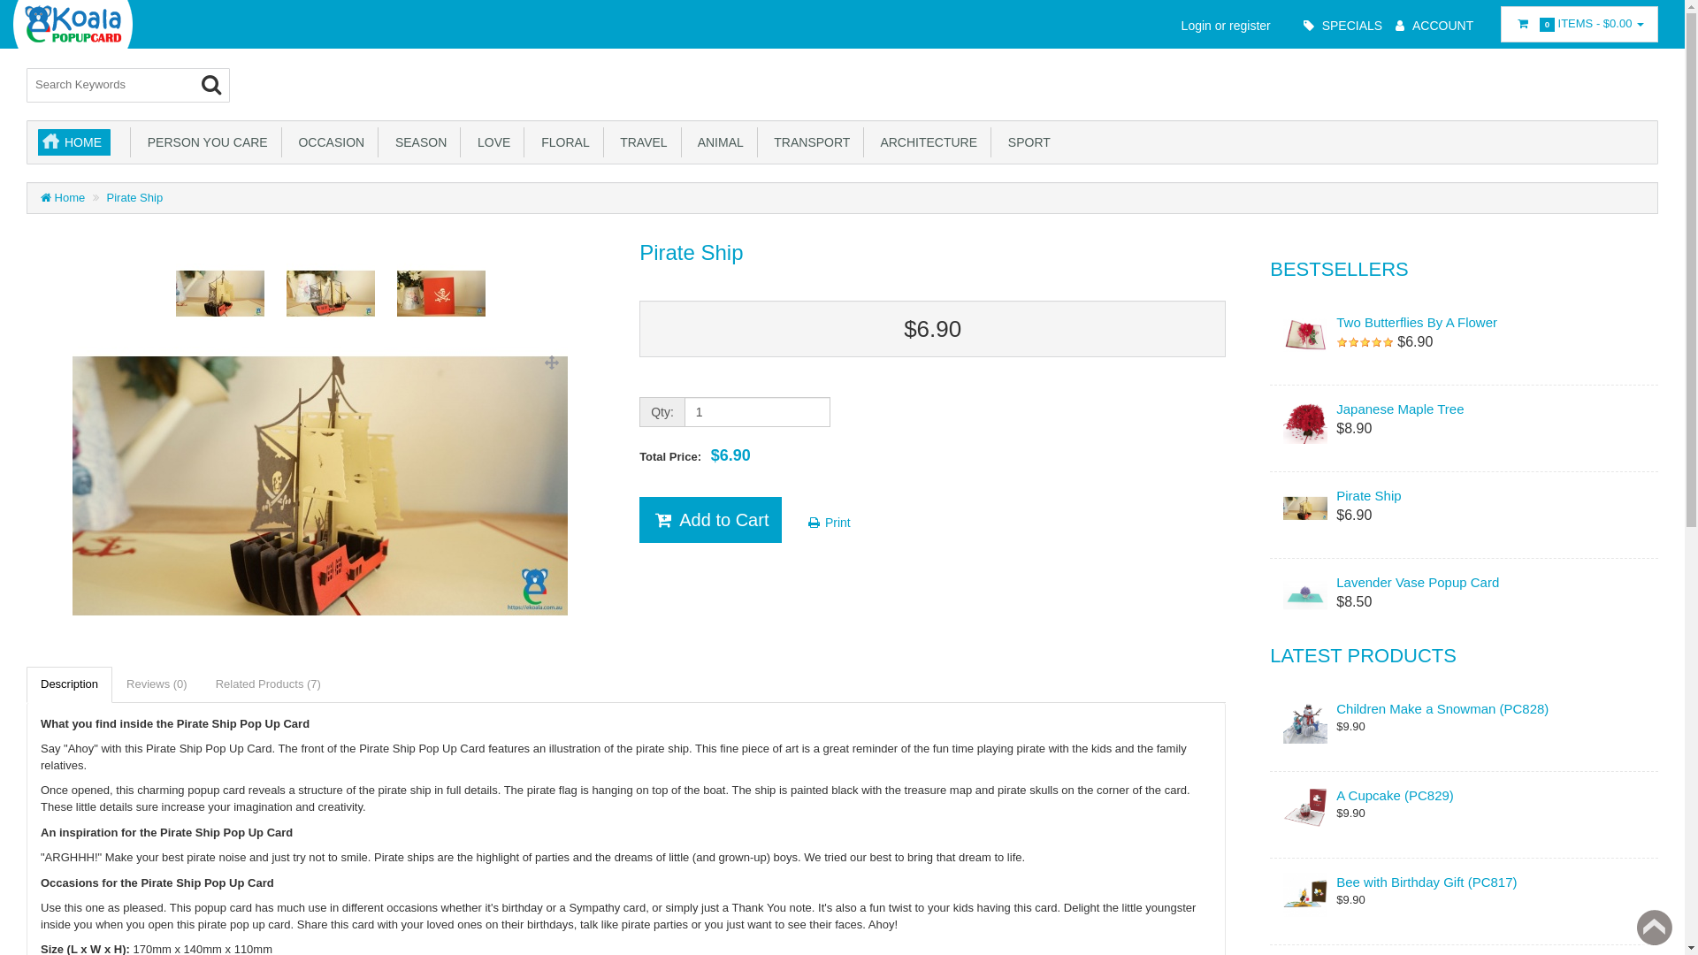 The width and height of the screenshot is (1698, 955). I want to click on 'Back to top', so click(1628, 927).